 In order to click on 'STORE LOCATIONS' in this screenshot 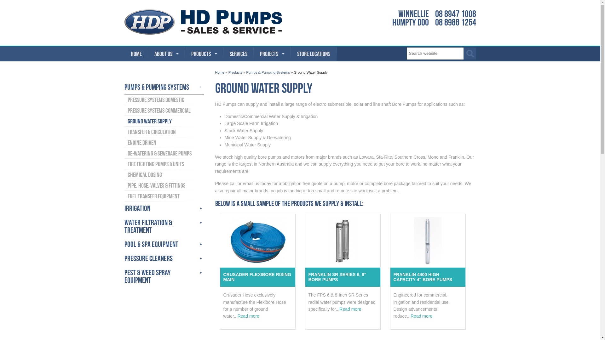, I will do `click(290, 53)`.